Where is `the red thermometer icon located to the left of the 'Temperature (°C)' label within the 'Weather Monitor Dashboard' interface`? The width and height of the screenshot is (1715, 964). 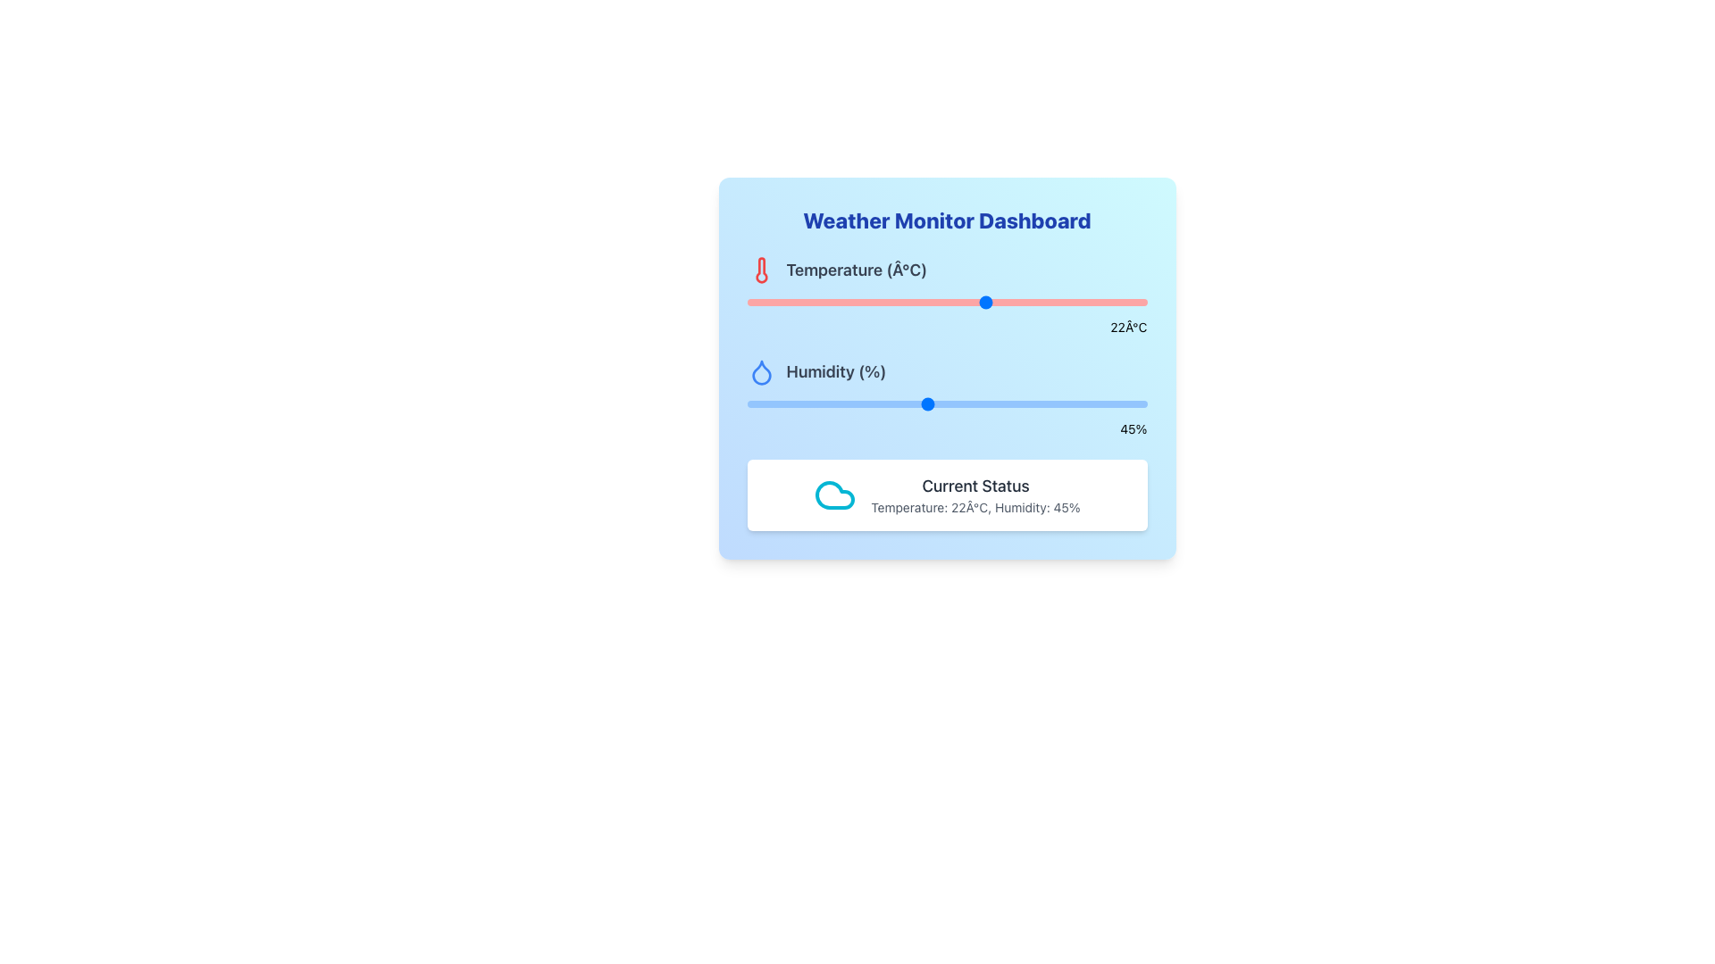
the red thermometer icon located to the left of the 'Temperature (°C)' label within the 'Weather Monitor Dashboard' interface is located at coordinates (761, 270).